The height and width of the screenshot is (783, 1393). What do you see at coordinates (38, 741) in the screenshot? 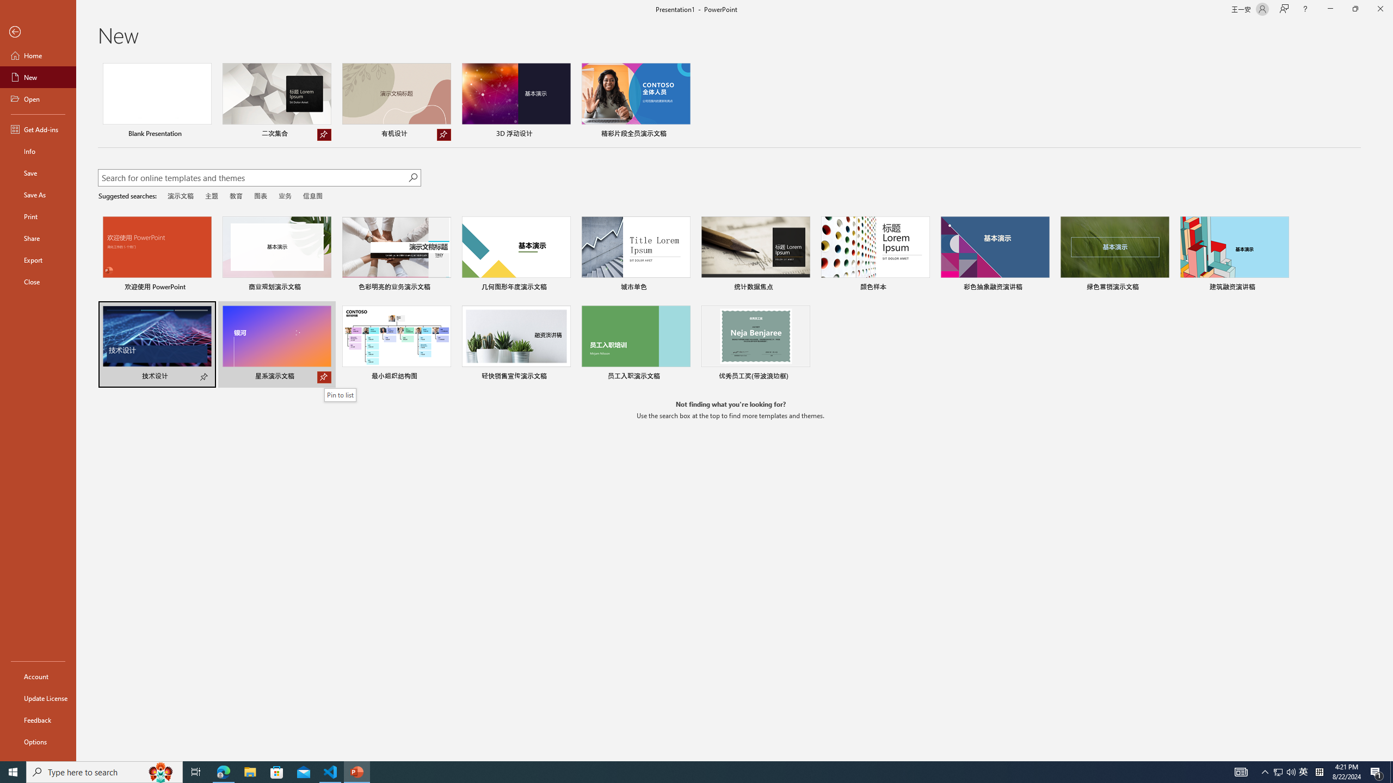
I see `'Options'` at bounding box center [38, 741].